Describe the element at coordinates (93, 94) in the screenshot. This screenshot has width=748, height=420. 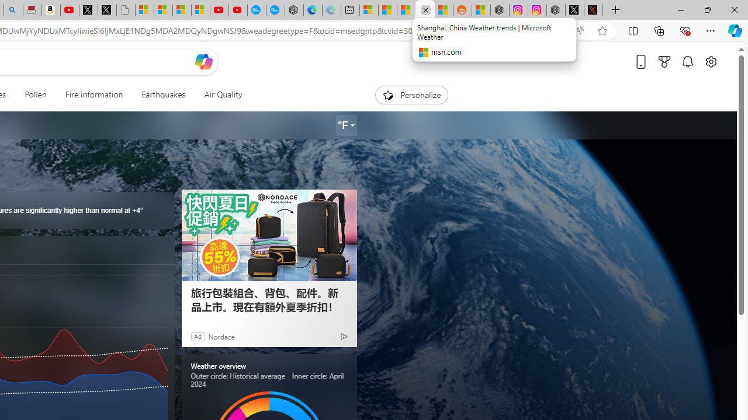
I see `'Fire information'` at that location.